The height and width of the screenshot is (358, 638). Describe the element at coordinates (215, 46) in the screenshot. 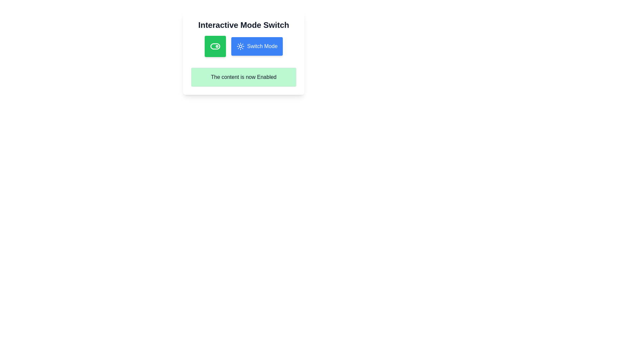

I see `the green toggle switch background, which is a horizontally elongated rectangle with rounded ends located in the upper-left portion of the interface` at that location.